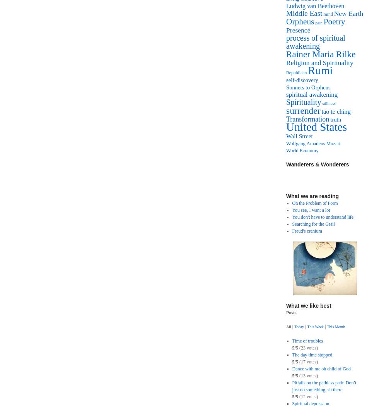  Describe the element at coordinates (312, 354) in the screenshot. I see `'The day time stopped'` at that location.